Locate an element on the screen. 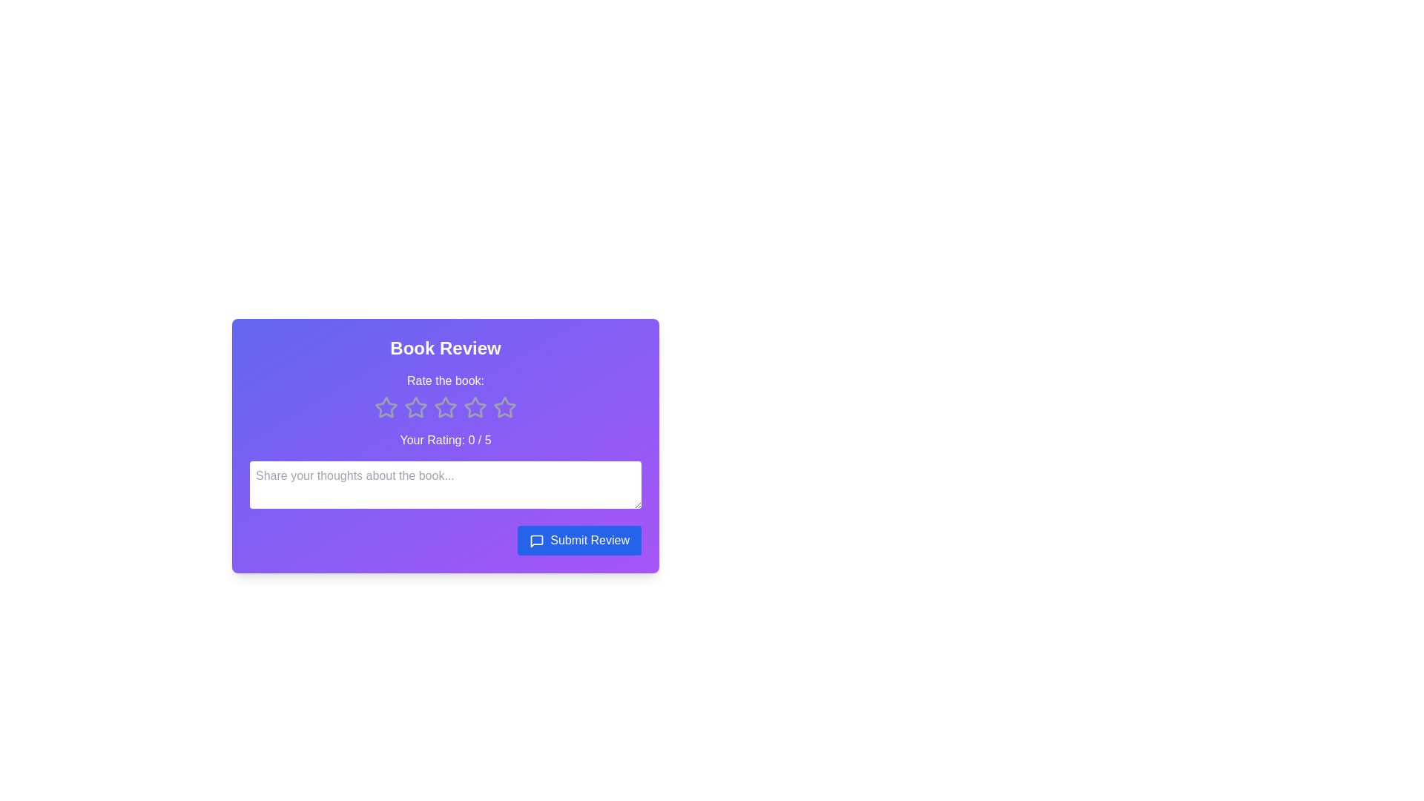 The height and width of the screenshot is (801, 1424). the text area to focus and input the feedback text is located at coordinates (444, 485).